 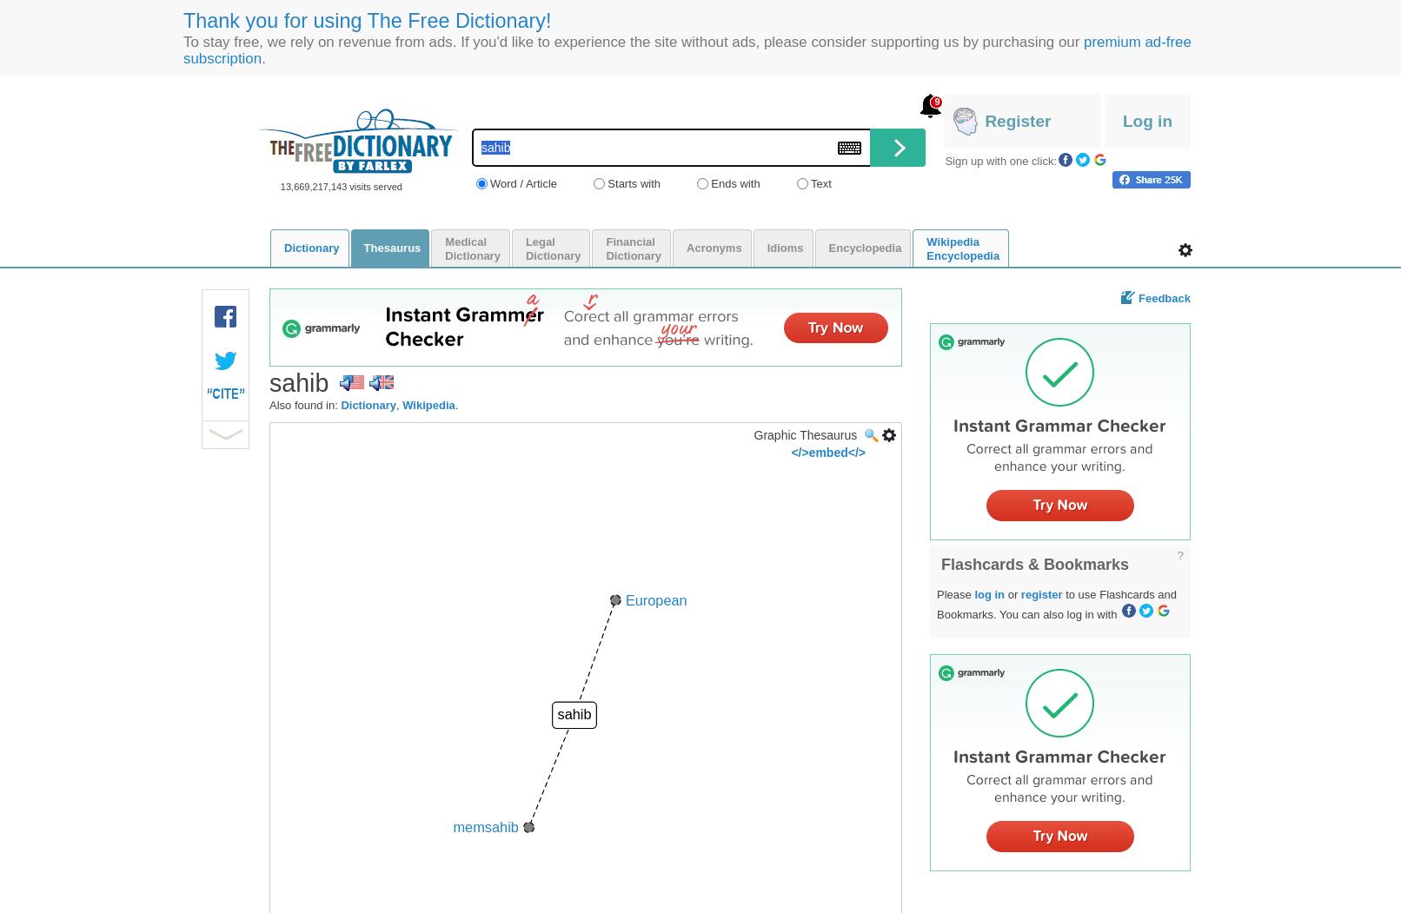 What do you see at coordinates (398, 403) in the screenshot?
I see `','` at bounding box center [398, 403].